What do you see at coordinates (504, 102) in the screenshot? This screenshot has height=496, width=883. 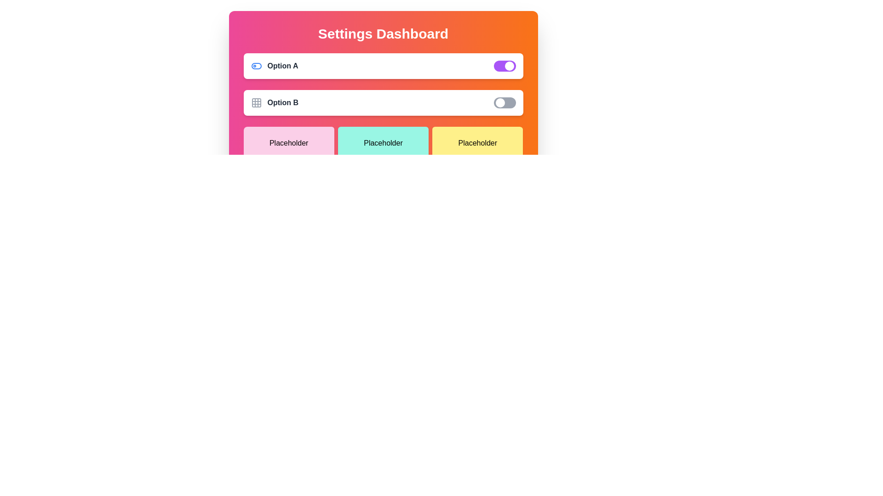 I see `the toggle switch located in the 'Option B' section to switch its state` at bounding box center [504, 102].